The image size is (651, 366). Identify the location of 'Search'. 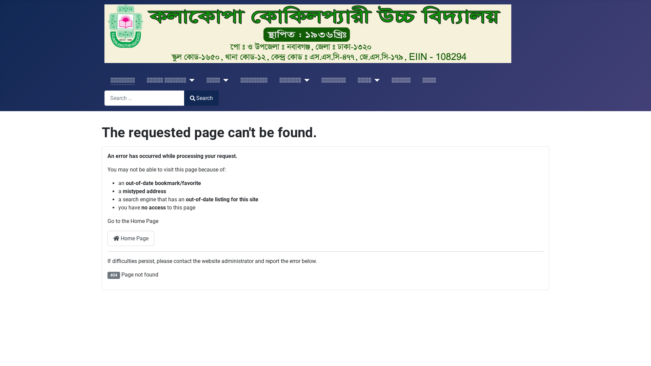
(201, 98).